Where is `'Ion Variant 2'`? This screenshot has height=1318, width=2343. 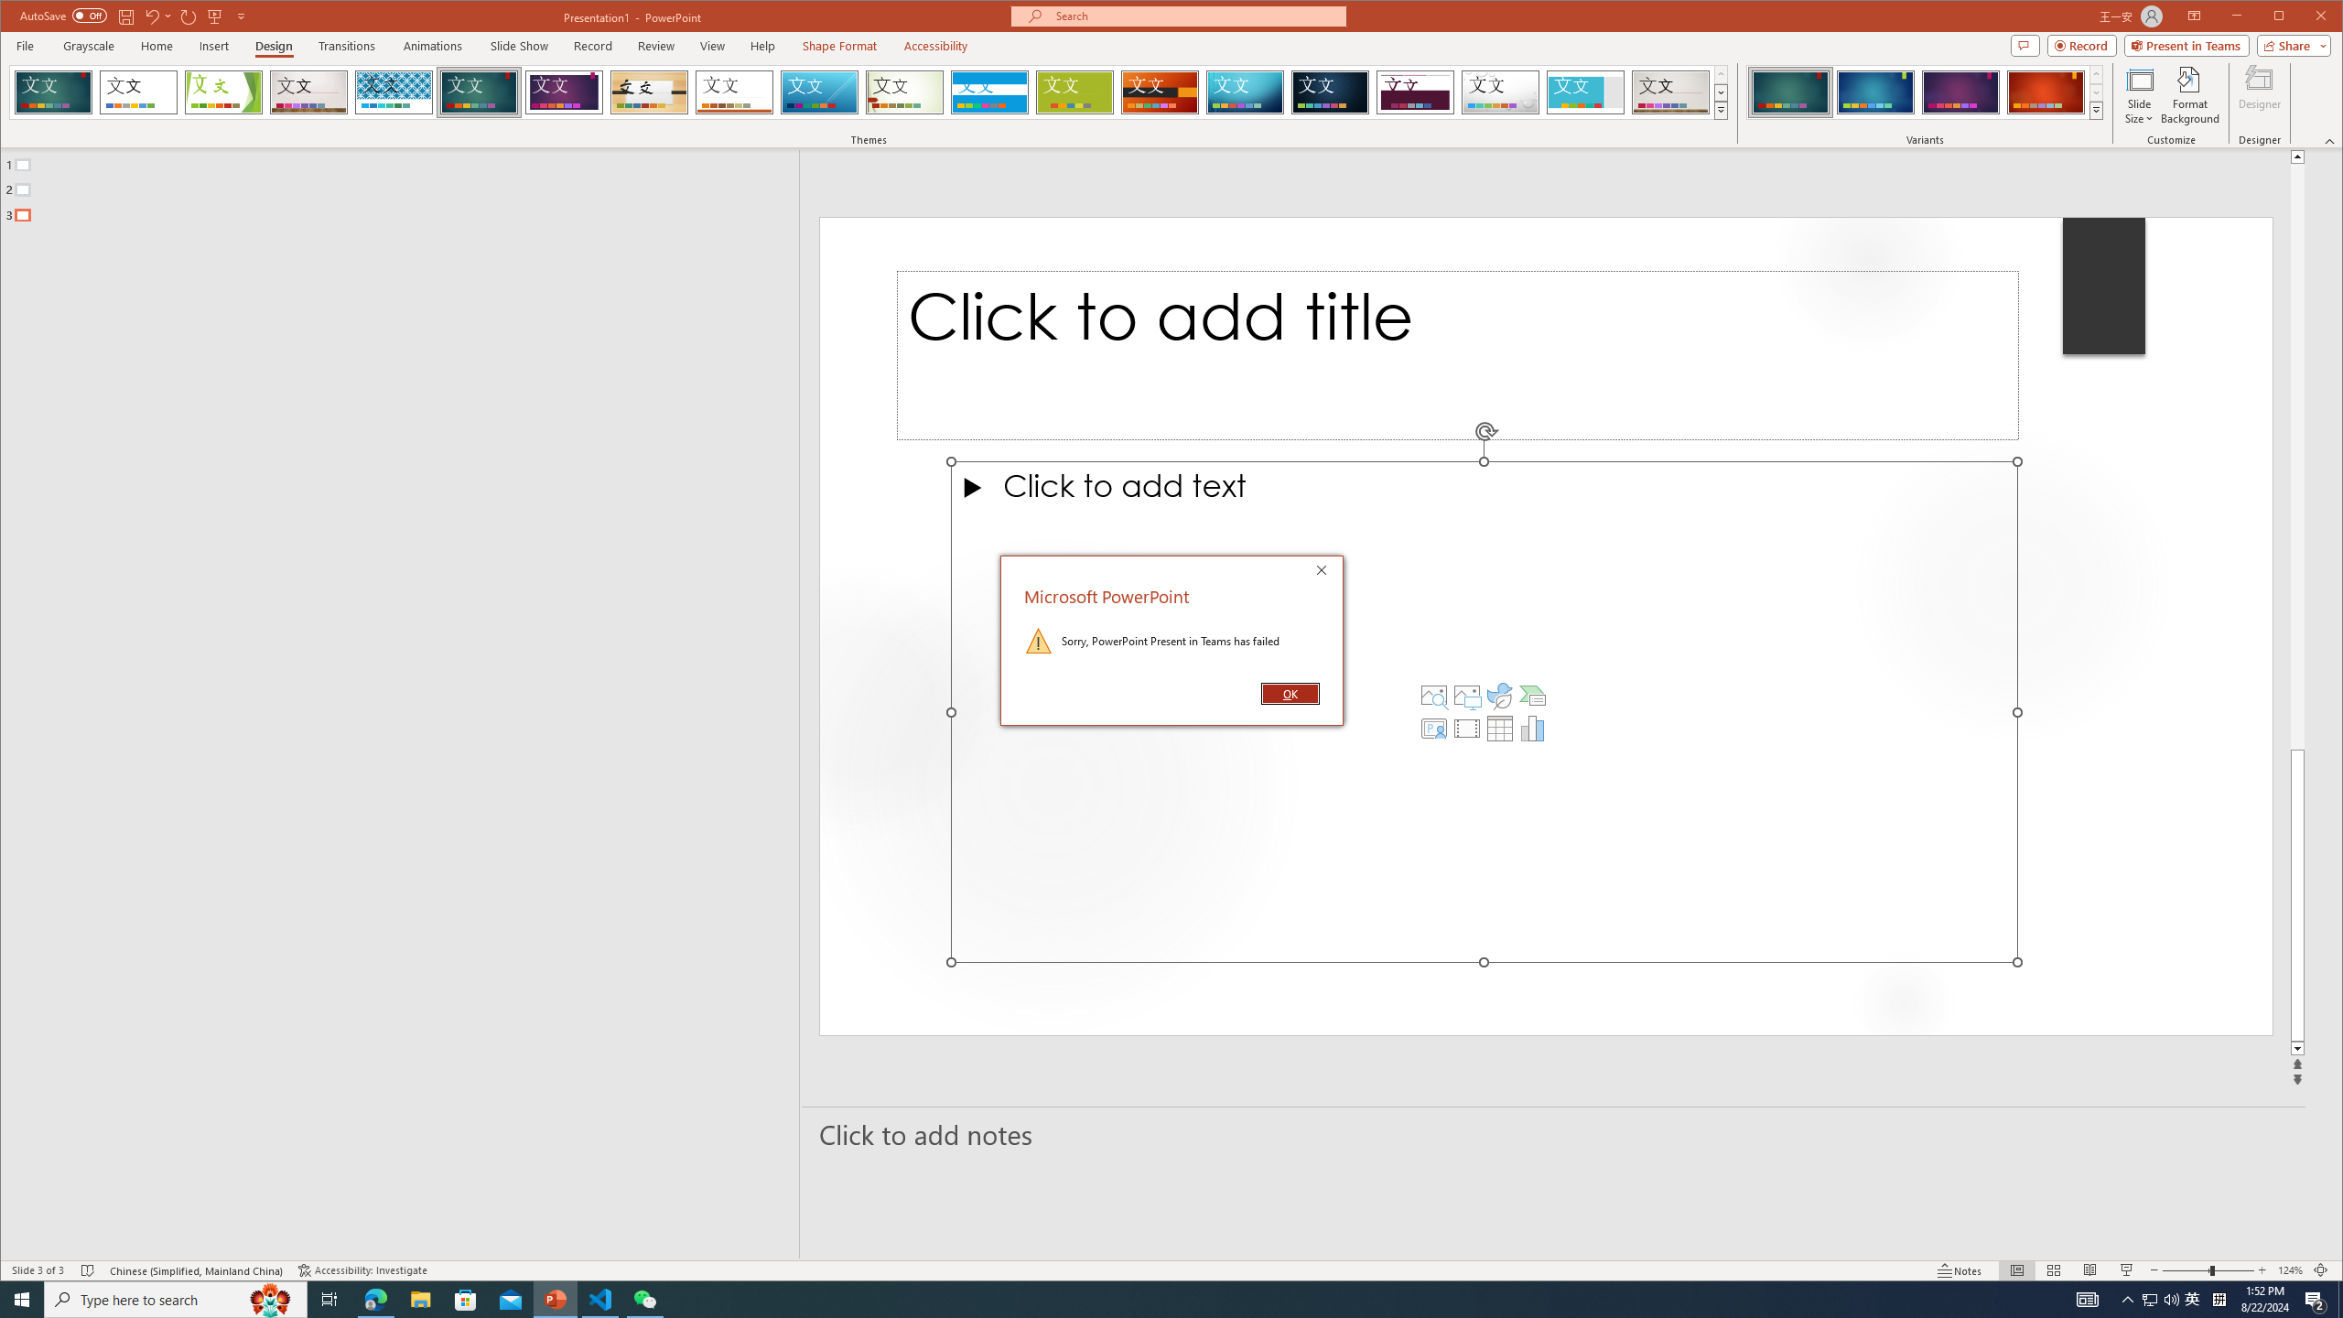 'Ion Variant 2' is located at coordinates (1875, 92).